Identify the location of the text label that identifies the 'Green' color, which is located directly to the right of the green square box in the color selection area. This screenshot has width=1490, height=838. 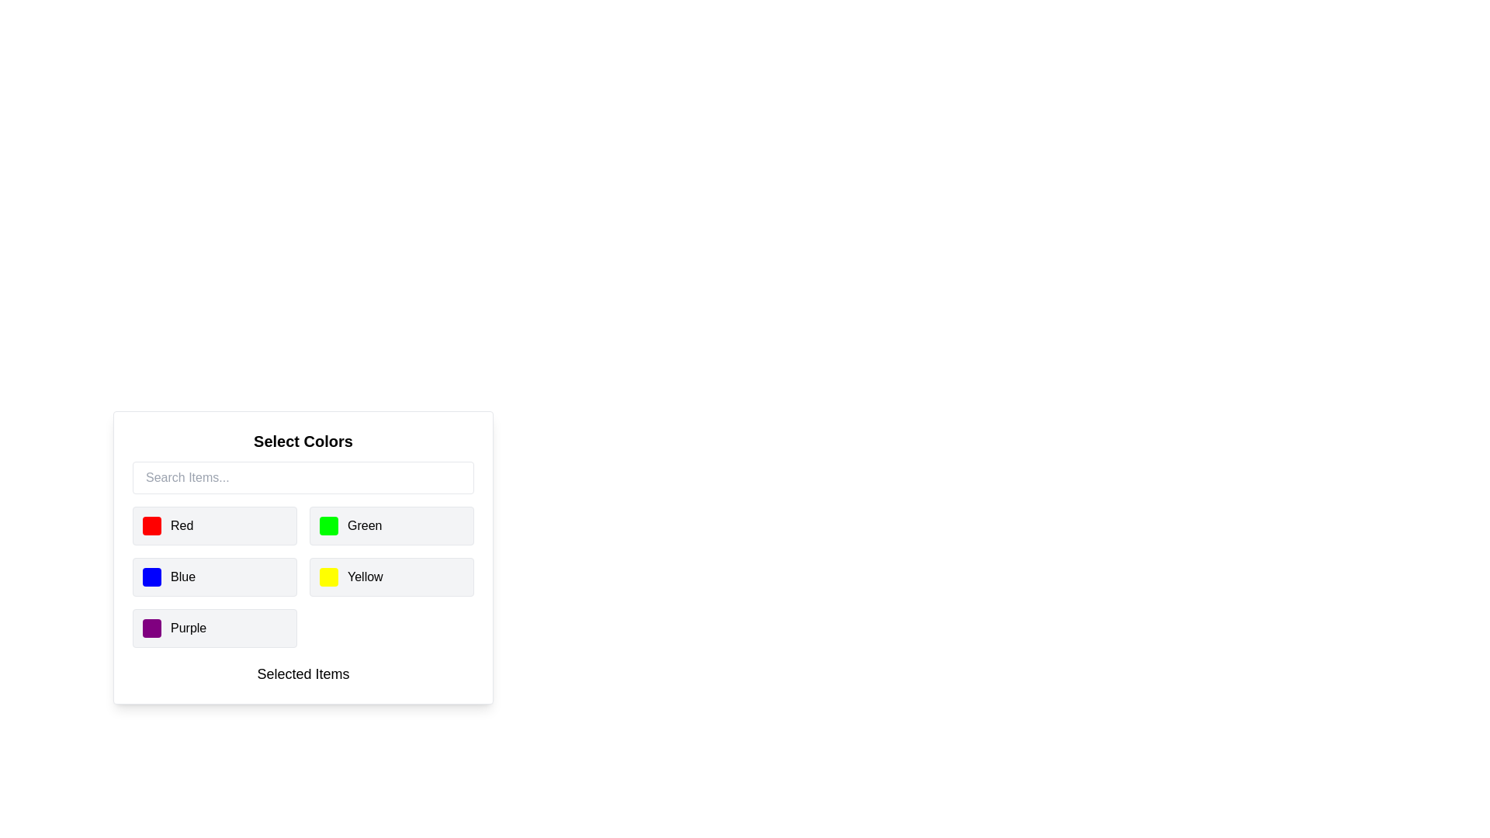
(364, 525).